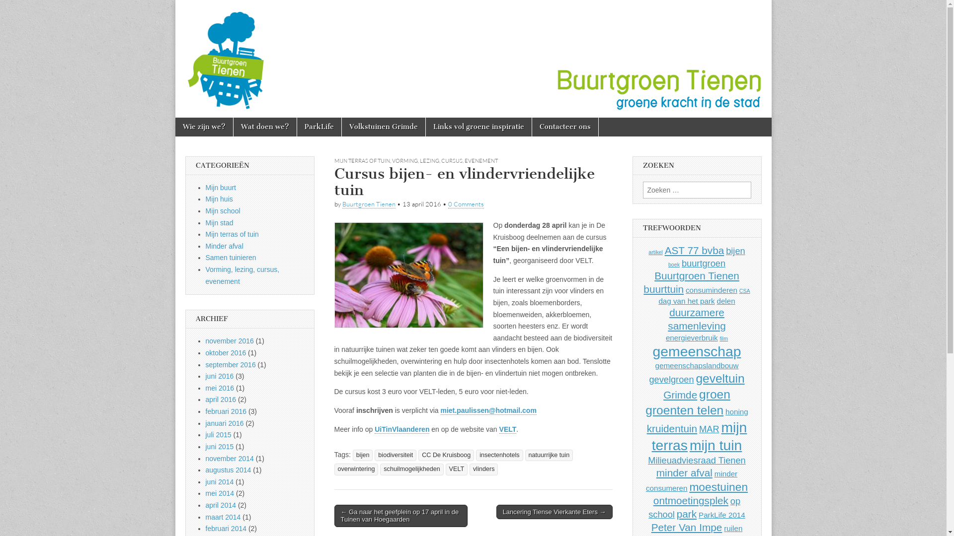 This screenshot has height=536, width=954. What do you see at coordinates (230, 365) in the screenshot?
I see `'september 2016'` at bounding box center [230, 365].